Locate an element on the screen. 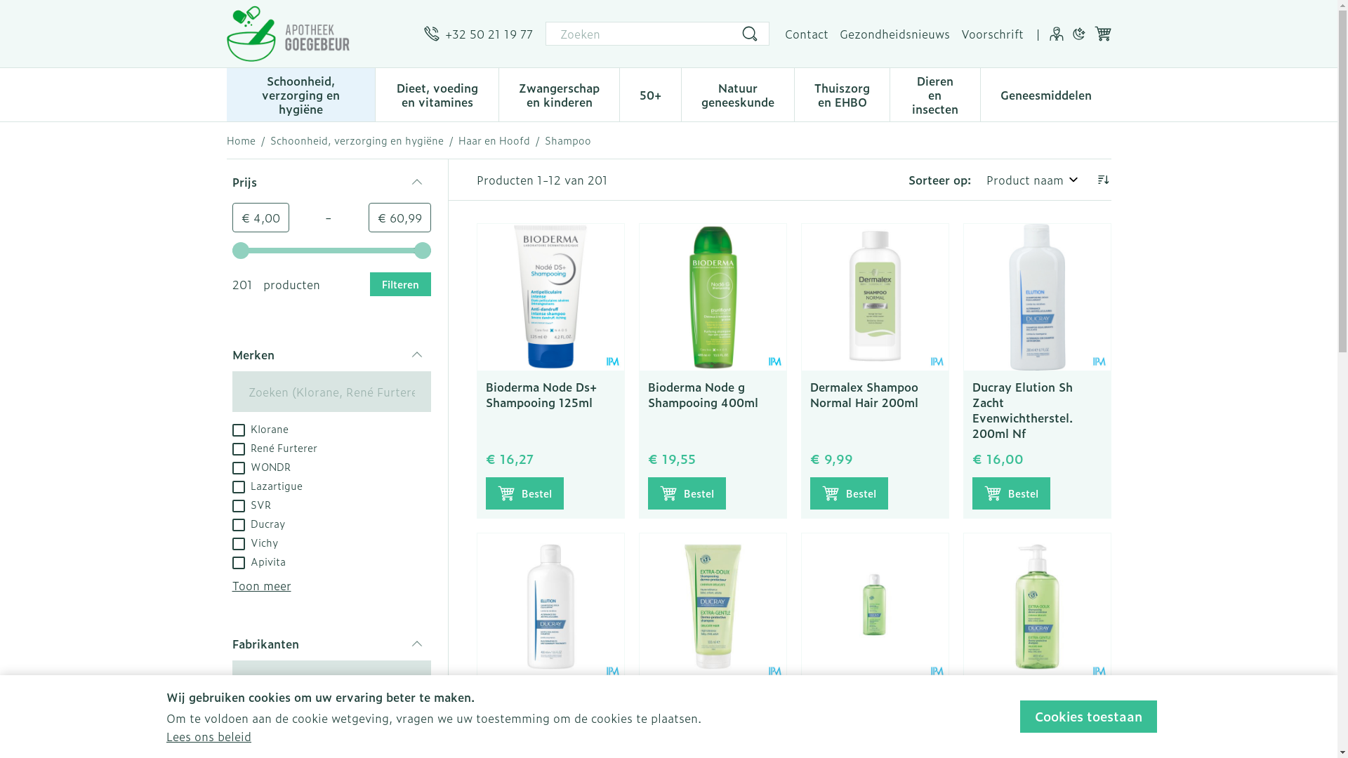 The width and height of the screenshot is (1348, 758). 'Dermalex Shampoo Normal Hair 200ml' is located at coordinates (810, 394).